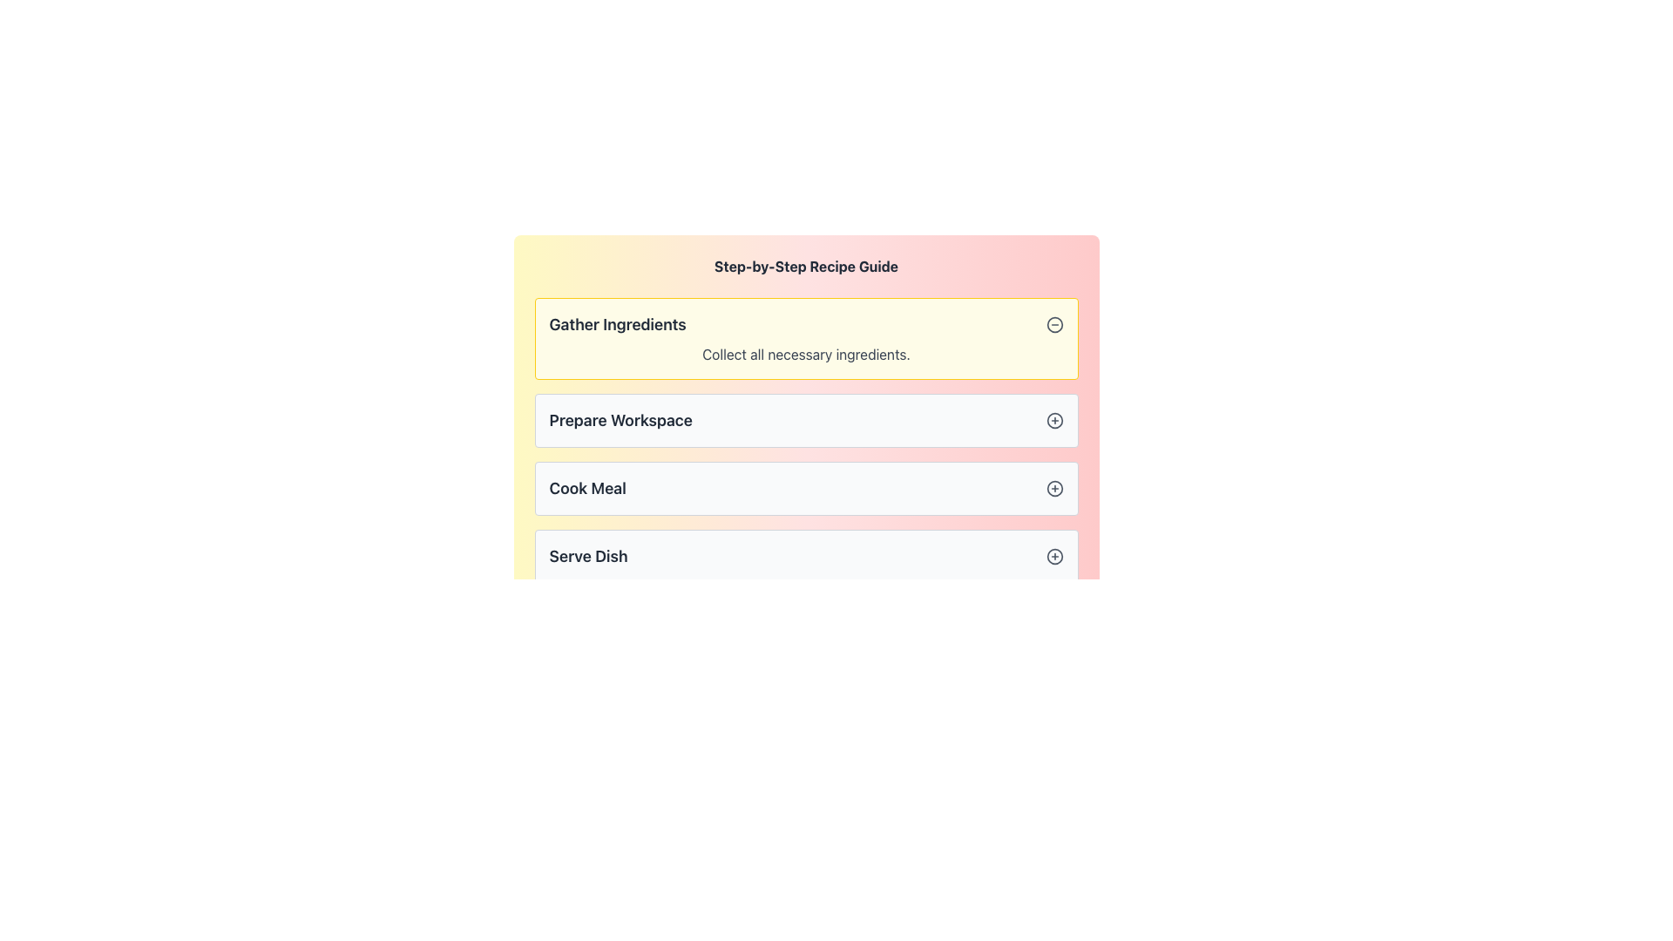 The width and height of the screenshot is (1673, 941). I want to click on the circular gray-bordered button with a '+' shape located to the right of the 'Prepare Workspace' text, so click(1053, 420).